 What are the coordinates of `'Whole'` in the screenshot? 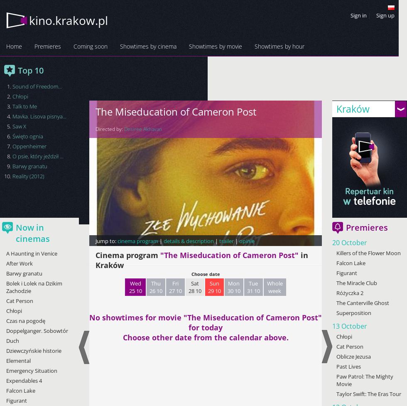 It's located at (275, 283).